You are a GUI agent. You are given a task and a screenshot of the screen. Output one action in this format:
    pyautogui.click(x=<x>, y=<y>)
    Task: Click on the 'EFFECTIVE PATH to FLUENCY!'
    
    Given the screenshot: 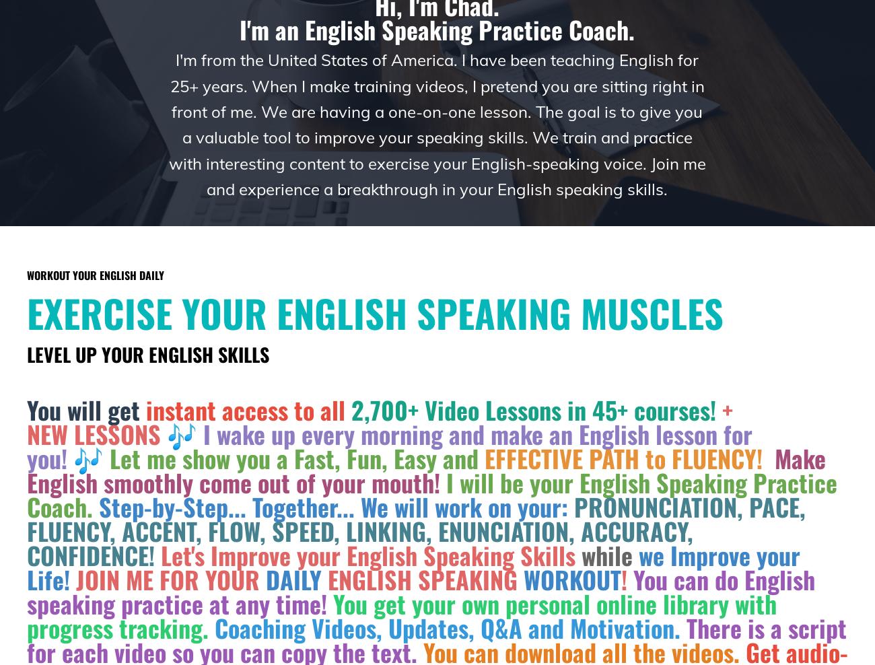 What is the action you would take?
    pyautogui.click(x=623, y=458)
    